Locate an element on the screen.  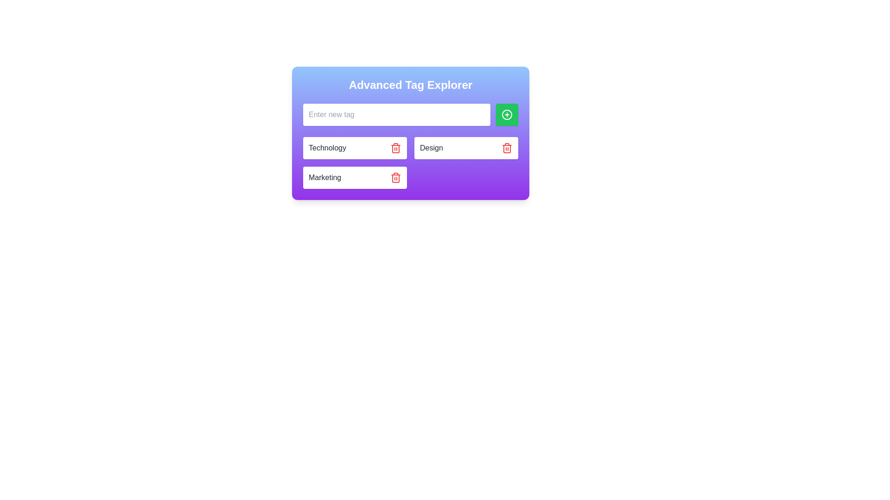
the delete button positioned to the far right of the 'Technology' label is located at coordinates (396, 148).